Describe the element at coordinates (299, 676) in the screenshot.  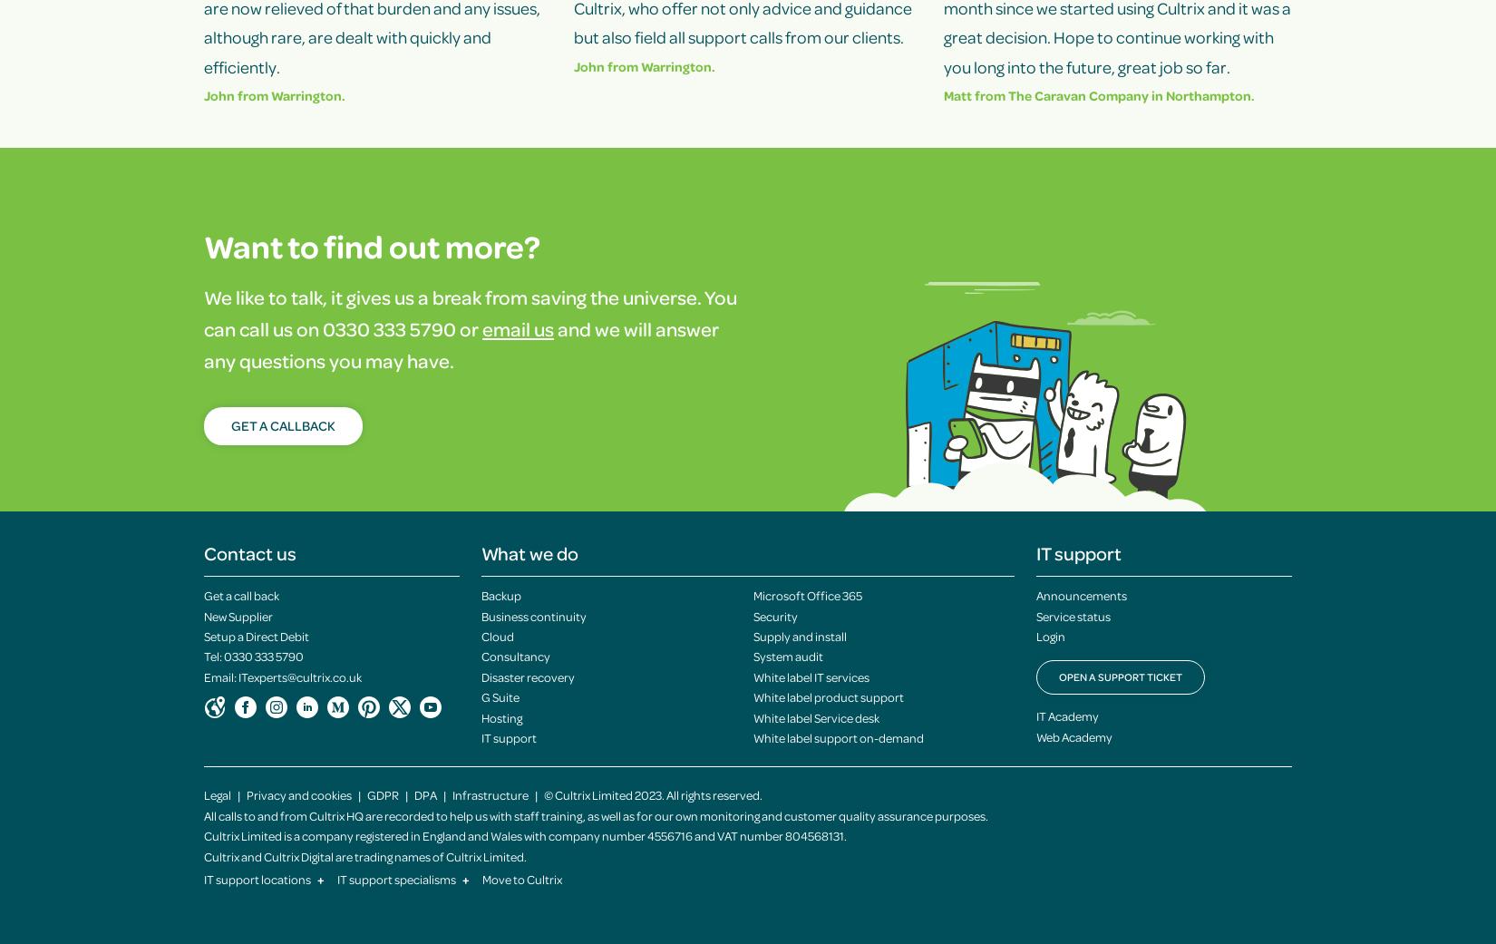
I see `'ITexperts@cultrix.co.uk'` at that location.